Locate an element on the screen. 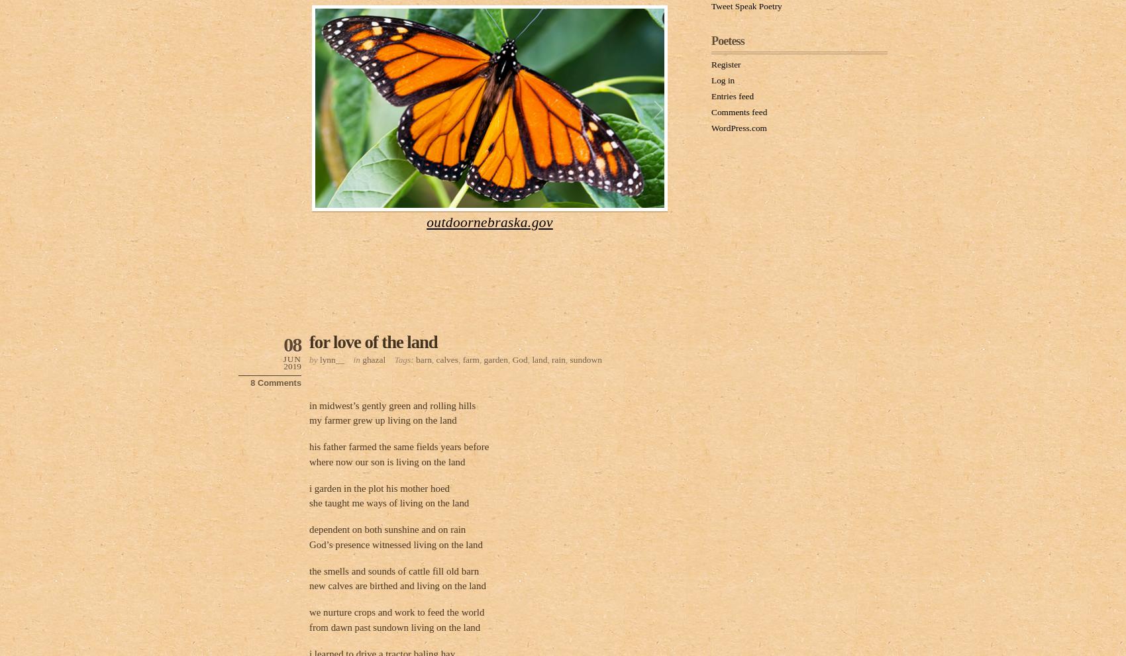  'by' is located at coordinates (314, 358).